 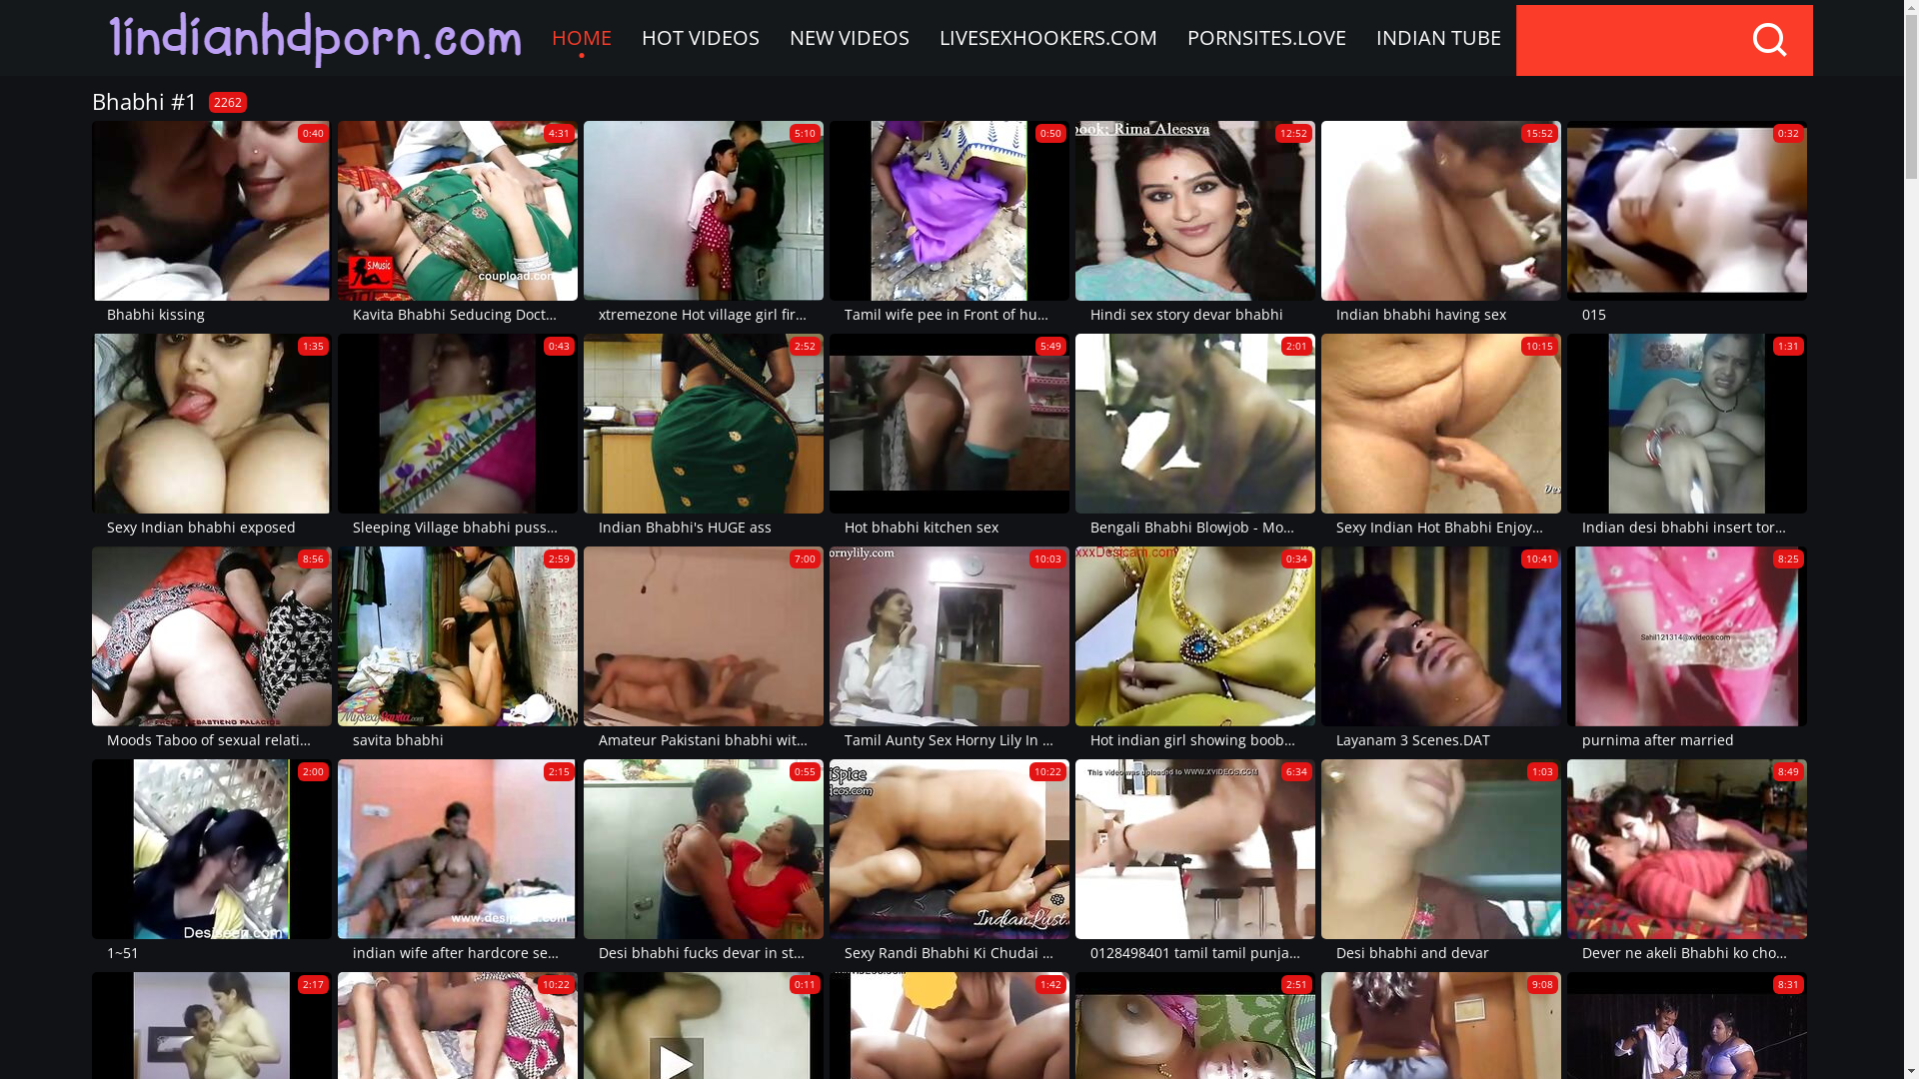 What do you see at coordinates (1194, 861) in the screenshot?
I see `'6:34` at bounding box center [1194, 861].